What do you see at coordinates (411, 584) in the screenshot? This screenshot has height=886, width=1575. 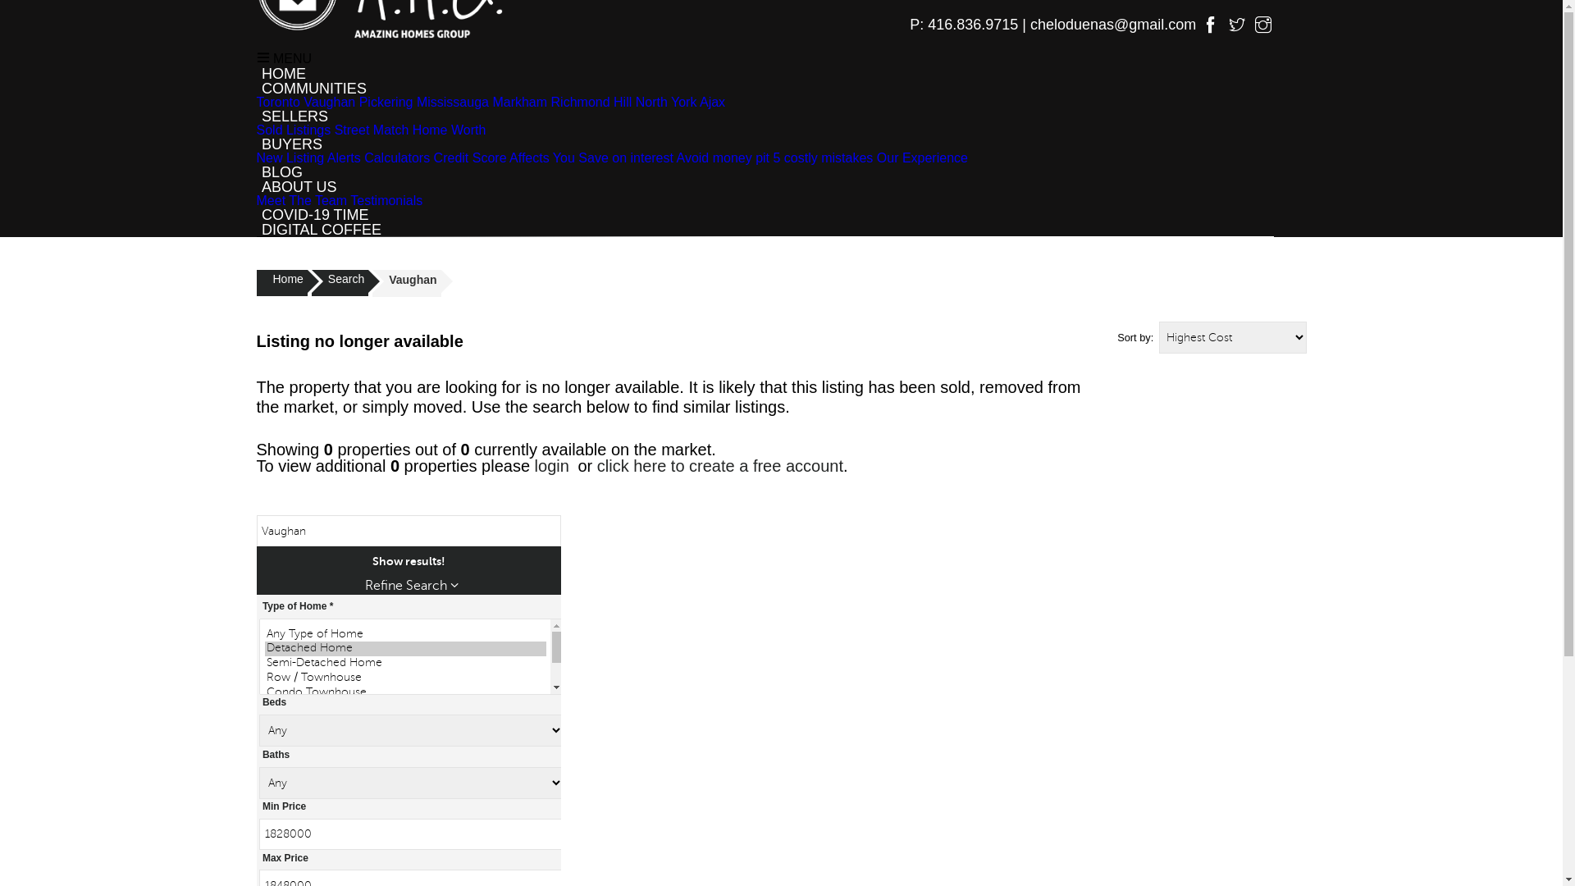 I see `'Refine Search'` at bounding box center [411, 584].